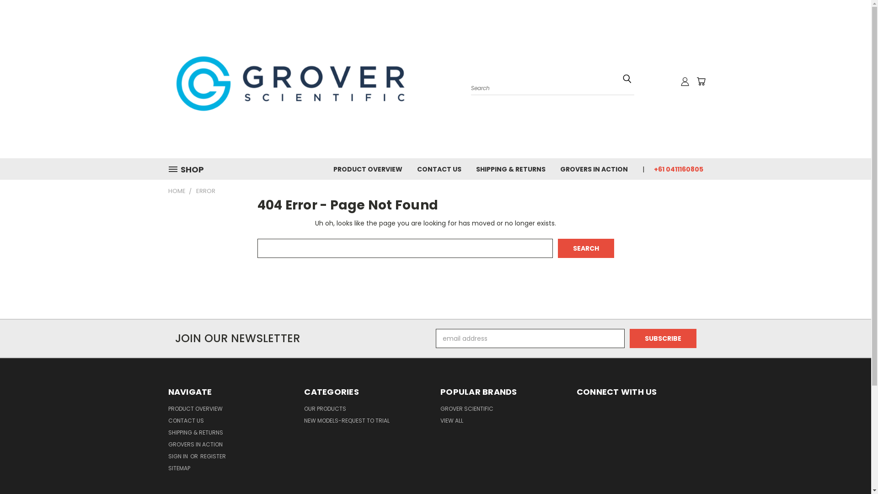 The height and width of the screenshot is (494, 878). What do you see at coordinates (168, 446) in the screenshot?
I see `'GROVERS IN ACTION'` at bounding box center [168, 446].